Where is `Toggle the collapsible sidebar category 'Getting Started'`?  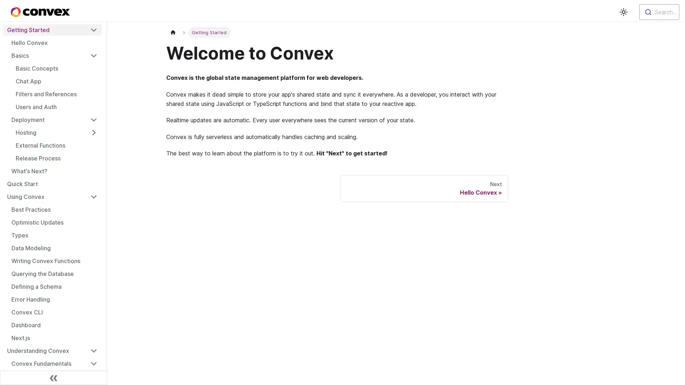 Toggle the collapsible sidebar category 'Getting Started' is located at coordinates (93, 30).